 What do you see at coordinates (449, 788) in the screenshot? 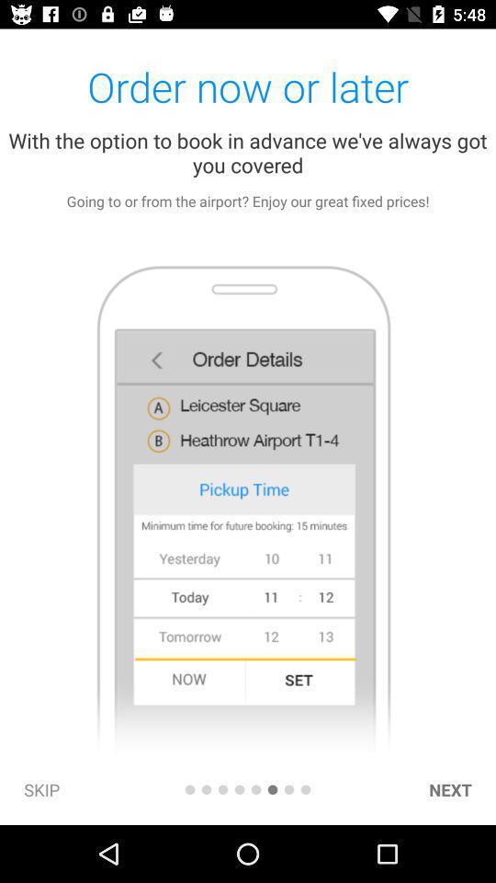
I see `the next icon` at bounding box center [449, 788].